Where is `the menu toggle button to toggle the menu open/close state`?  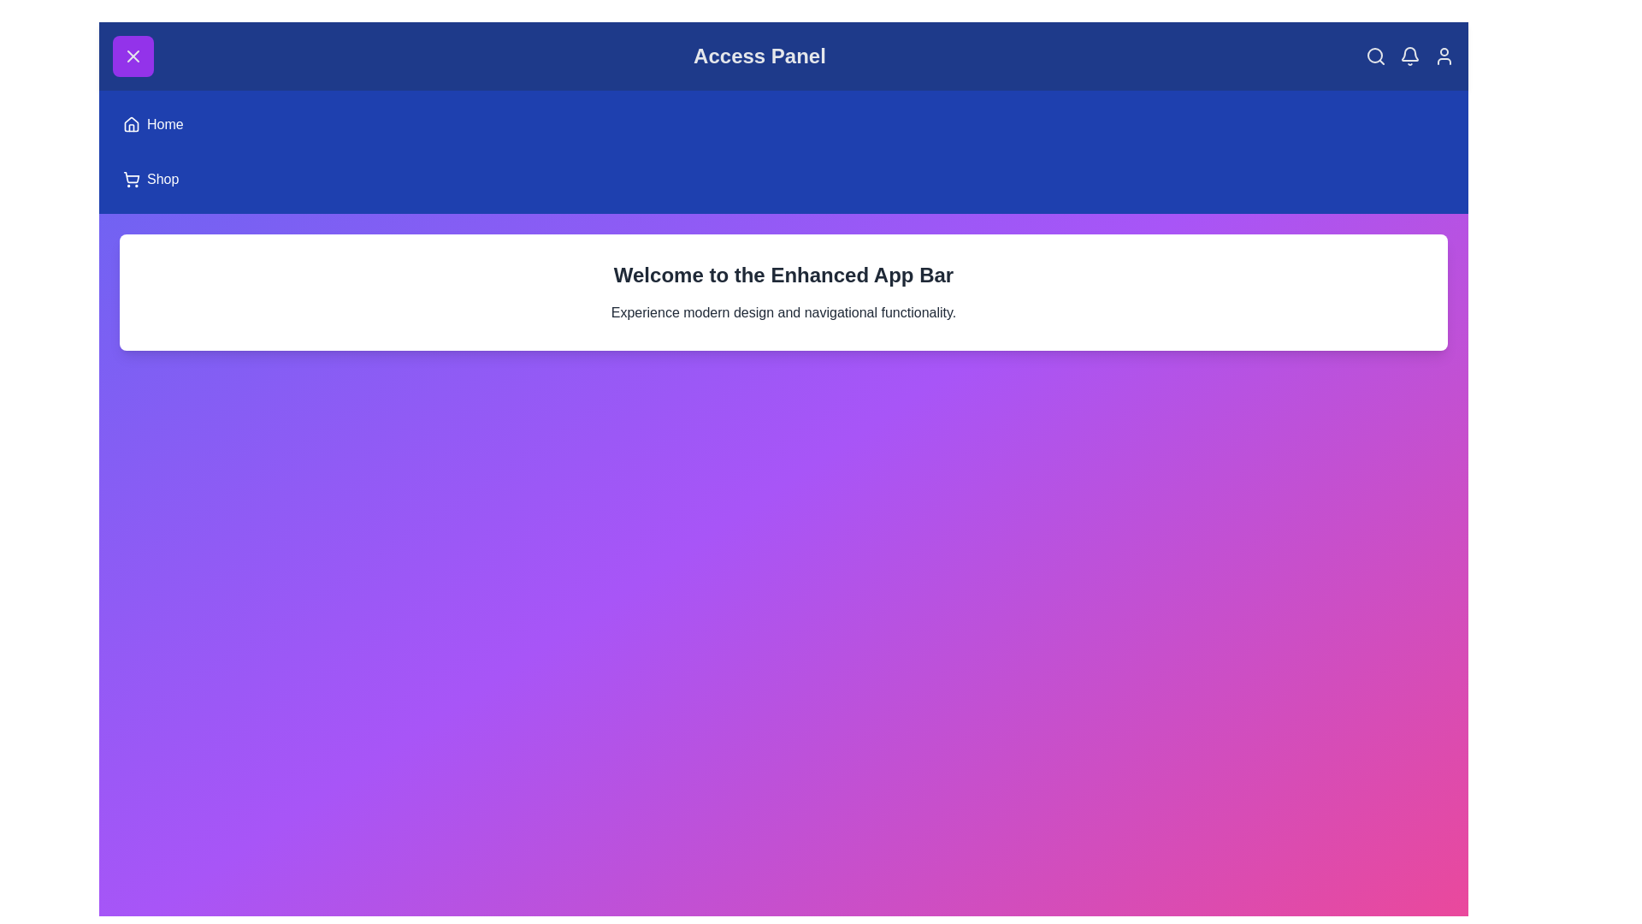 the menu toggle button to toggle the menu open/close state is located at coordinates (133, 55).